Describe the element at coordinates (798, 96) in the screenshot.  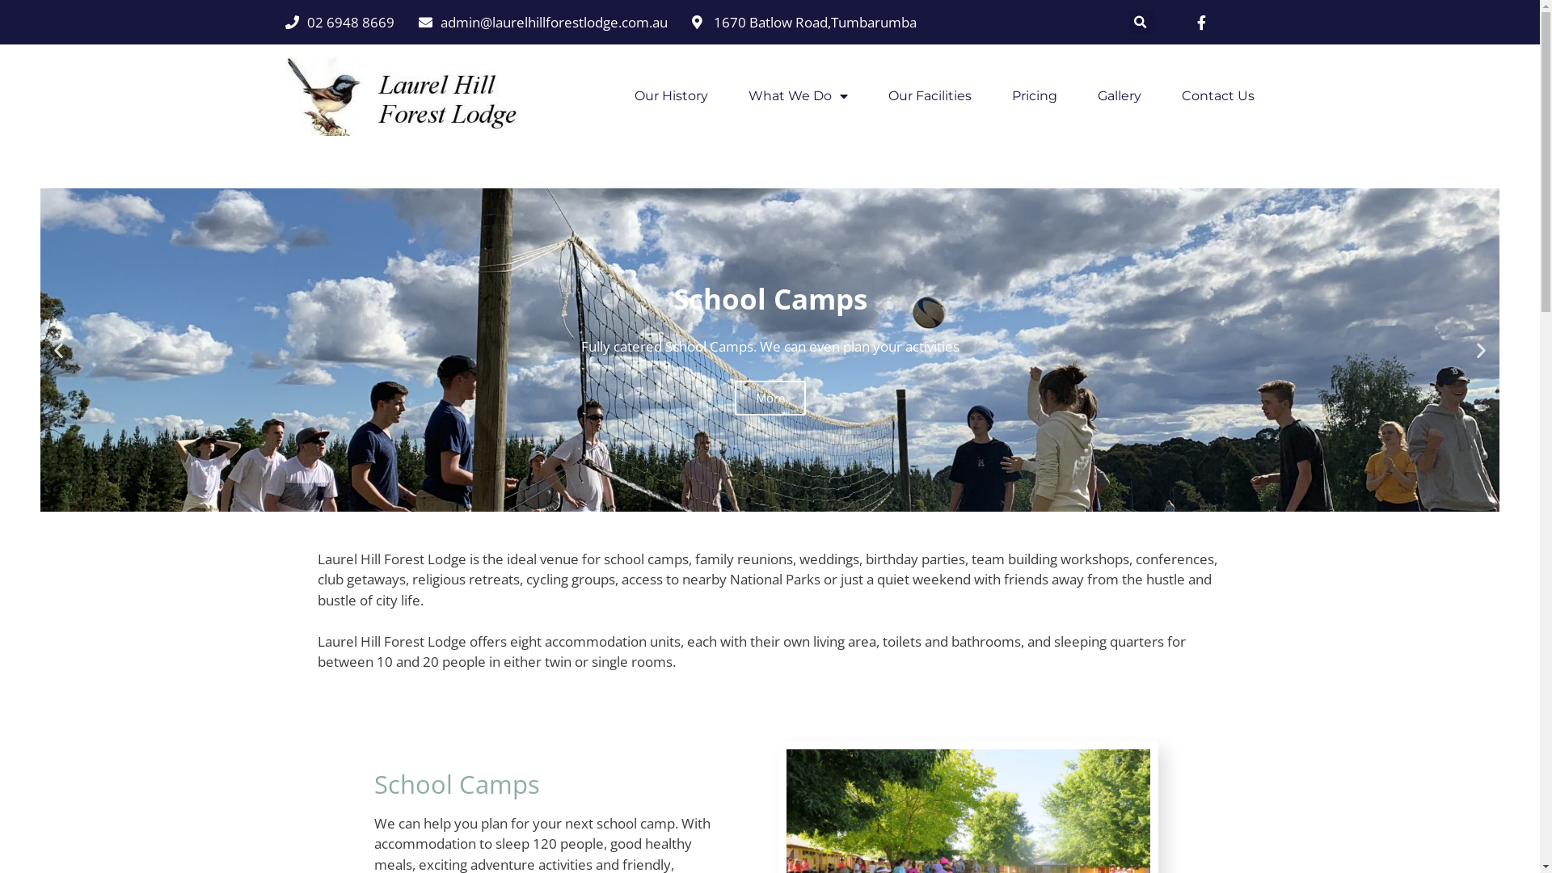
I see `'What We Do'` at that location.